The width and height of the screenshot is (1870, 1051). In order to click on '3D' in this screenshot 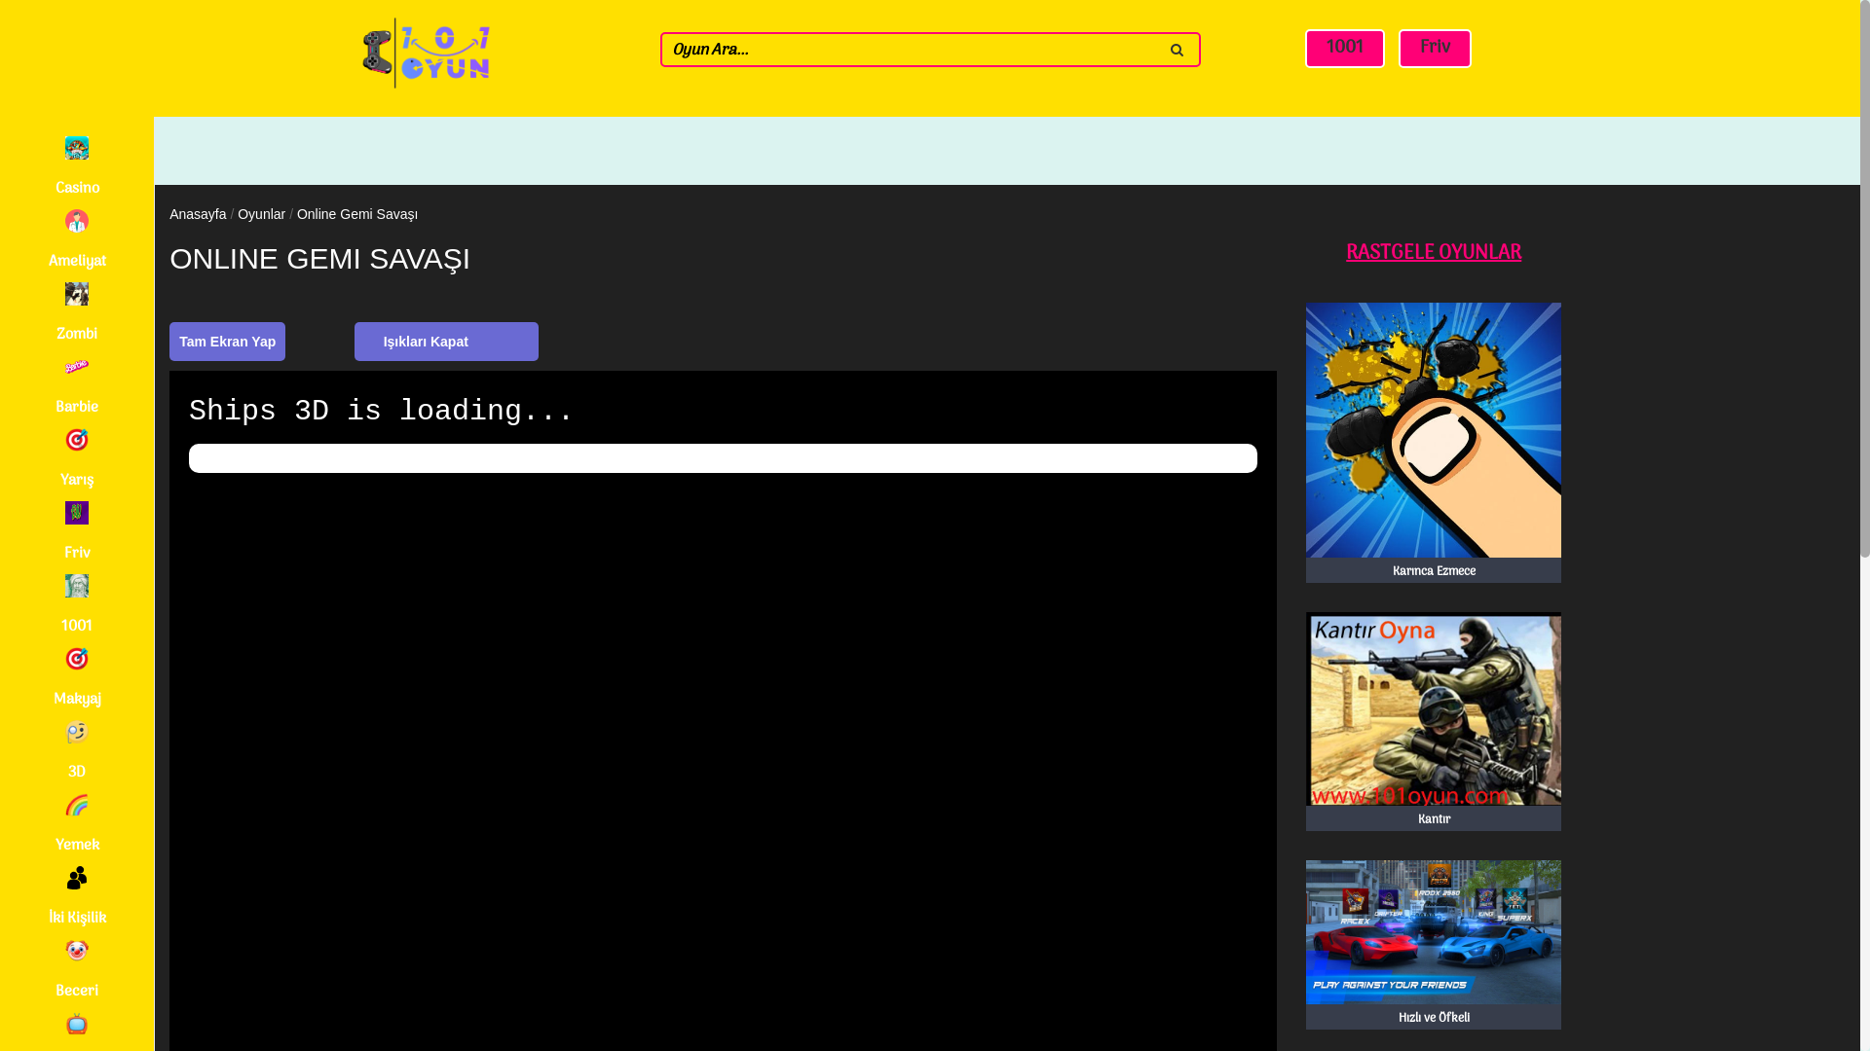, I will do `click(76, 750)`.